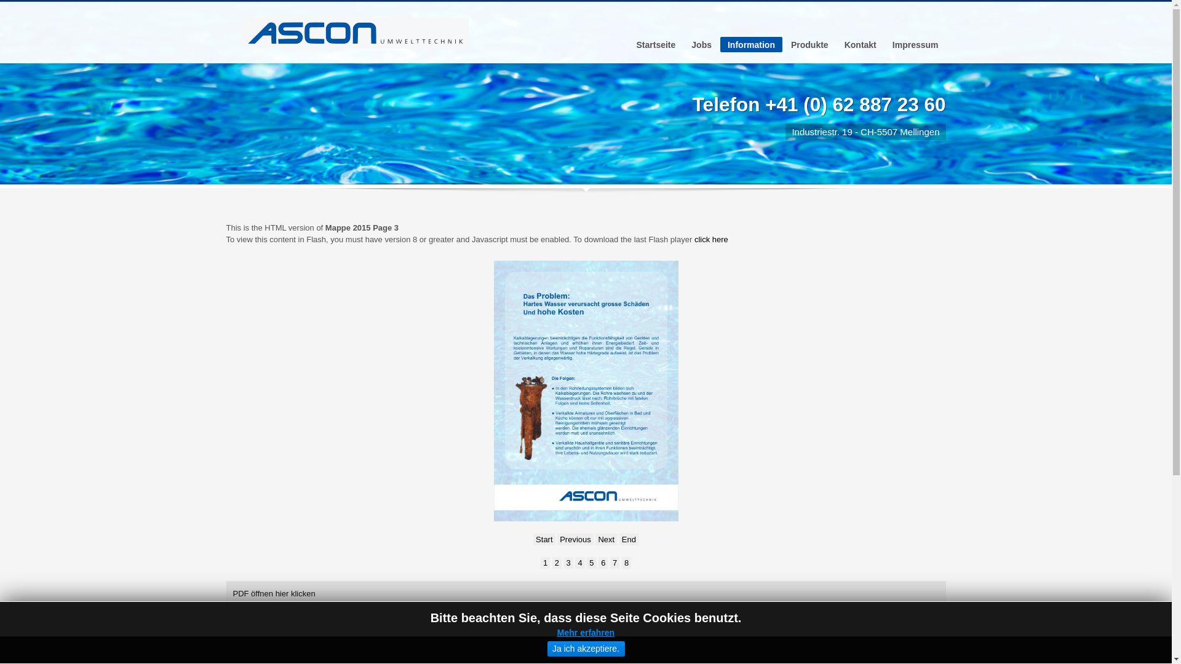  What do you see at coordinates (859, 44) in the screenshot?
I see `'Kontakt'` at bounding box center [859, 44].